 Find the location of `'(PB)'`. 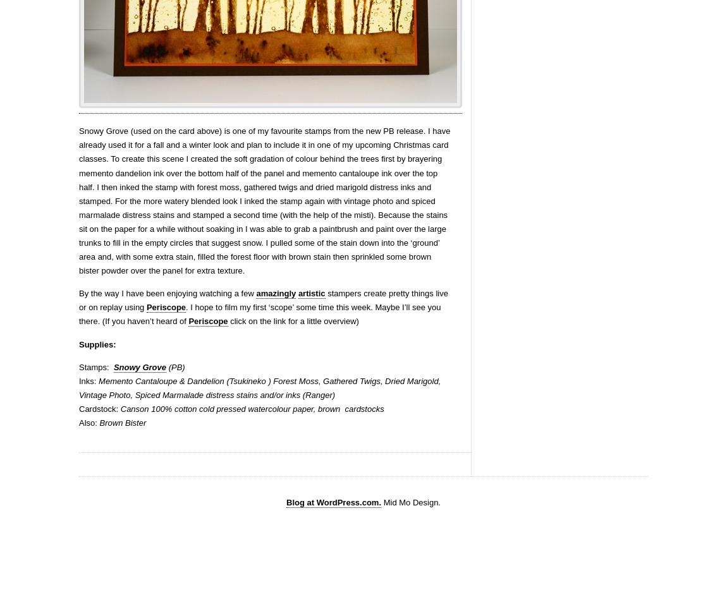

'(PB)' is located at coordinates (167, 366).